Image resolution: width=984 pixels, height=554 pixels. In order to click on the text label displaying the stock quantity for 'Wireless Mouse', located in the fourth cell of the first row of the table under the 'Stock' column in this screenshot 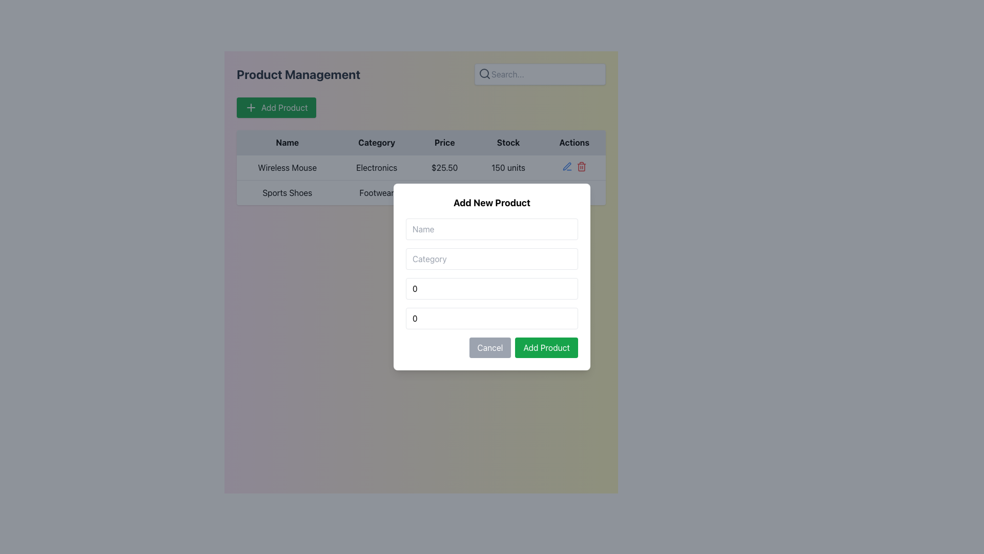, I will do `click(508, 167)`.